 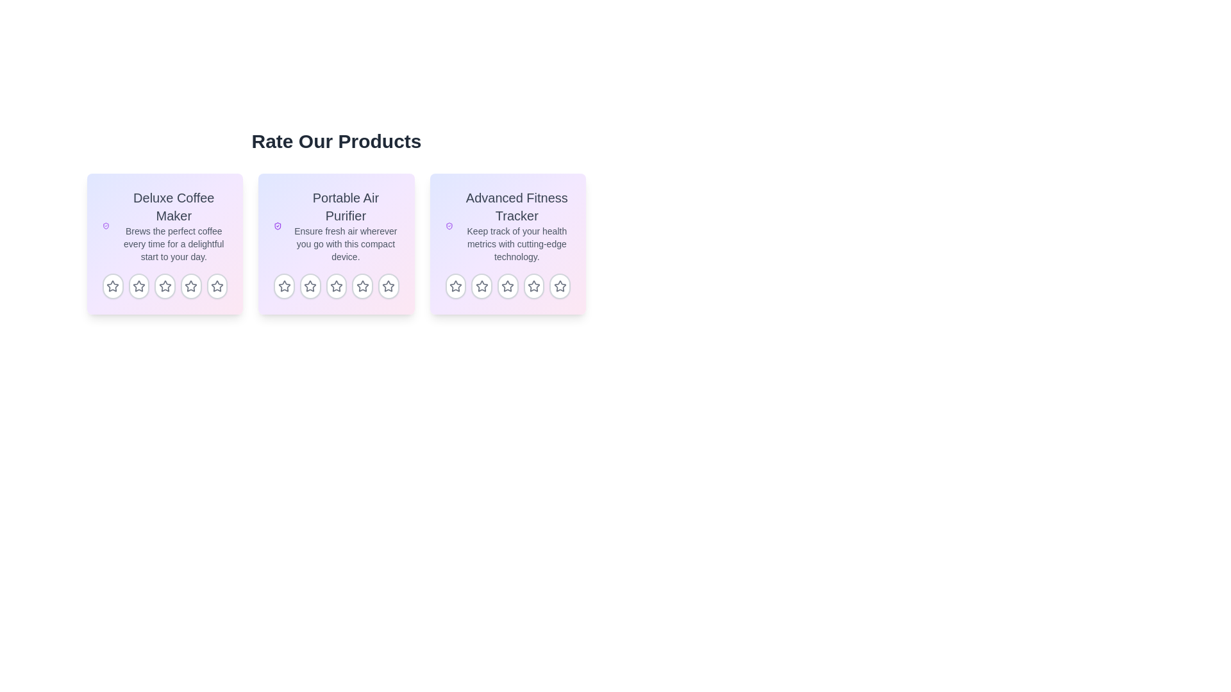 What do you see at coordinates (346, 226) in the screenshot?
I see `the textual display element that provides the title and summary for the Portable Air Purifier, located between the 'Deluxe Coffee Maker' and 'Advanced Fitness Tracker' cards` at bounding box center [346, 226].